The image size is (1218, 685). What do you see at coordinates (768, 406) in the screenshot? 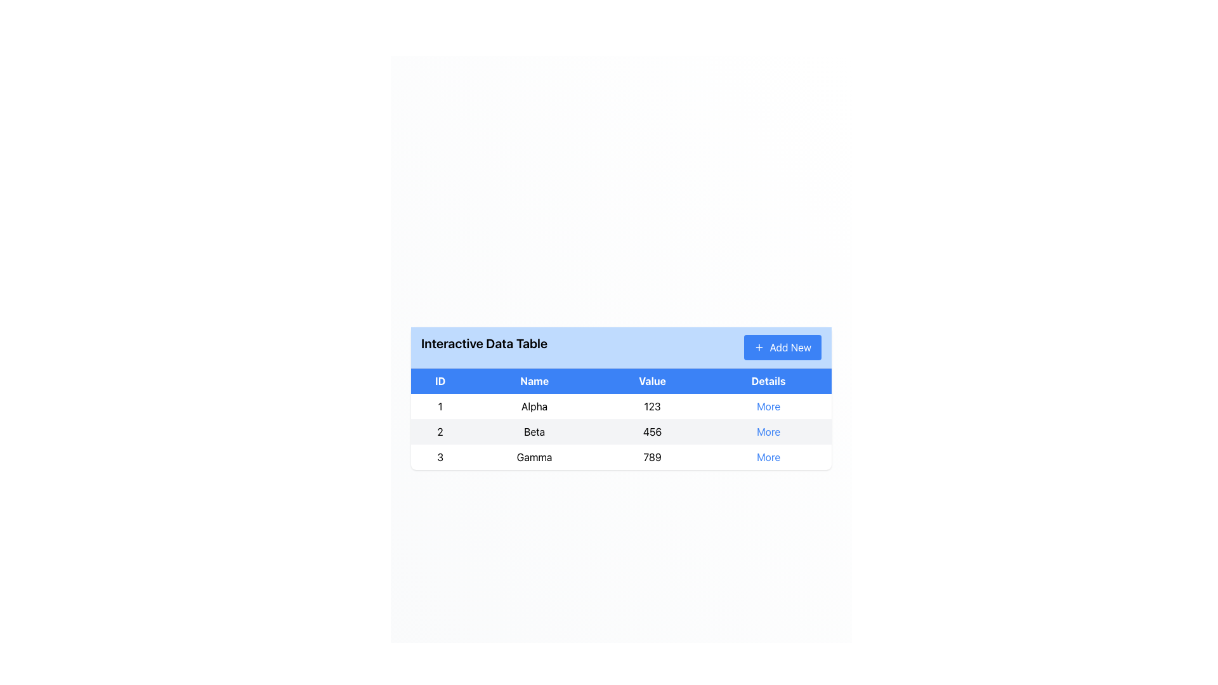
I see `the blue-colored clickable text link labeled 'More' in the 'Details' column of the data table` at bounding box center [768, 406].